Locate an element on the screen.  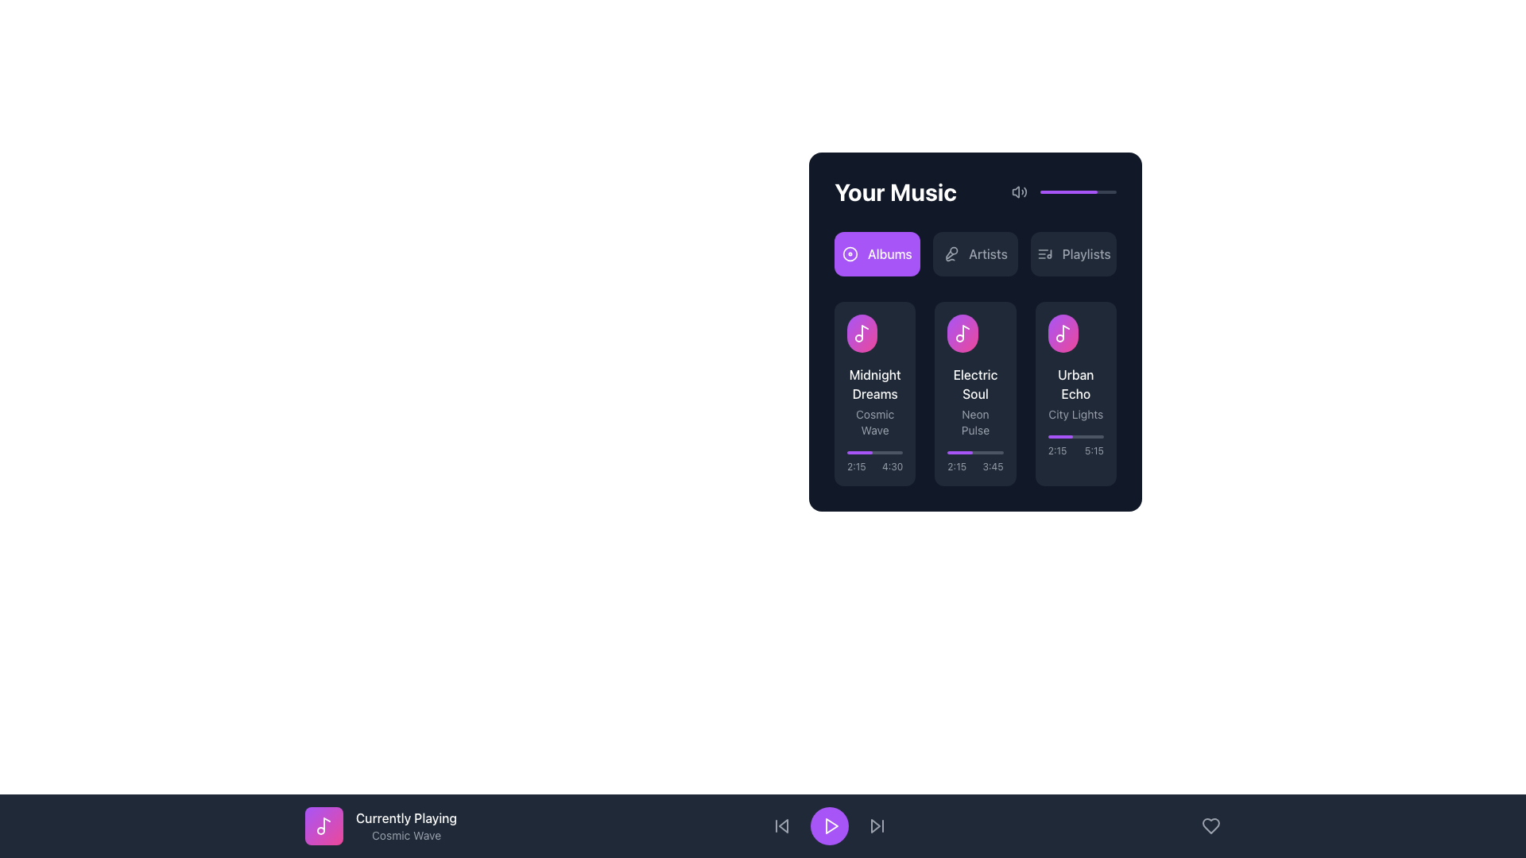
time information displayed in the text label element showing '5:15' in light gray font on a dark background, located in the bottom section of the 'Urban Echo' album card is located at coordinates (1094, 450).